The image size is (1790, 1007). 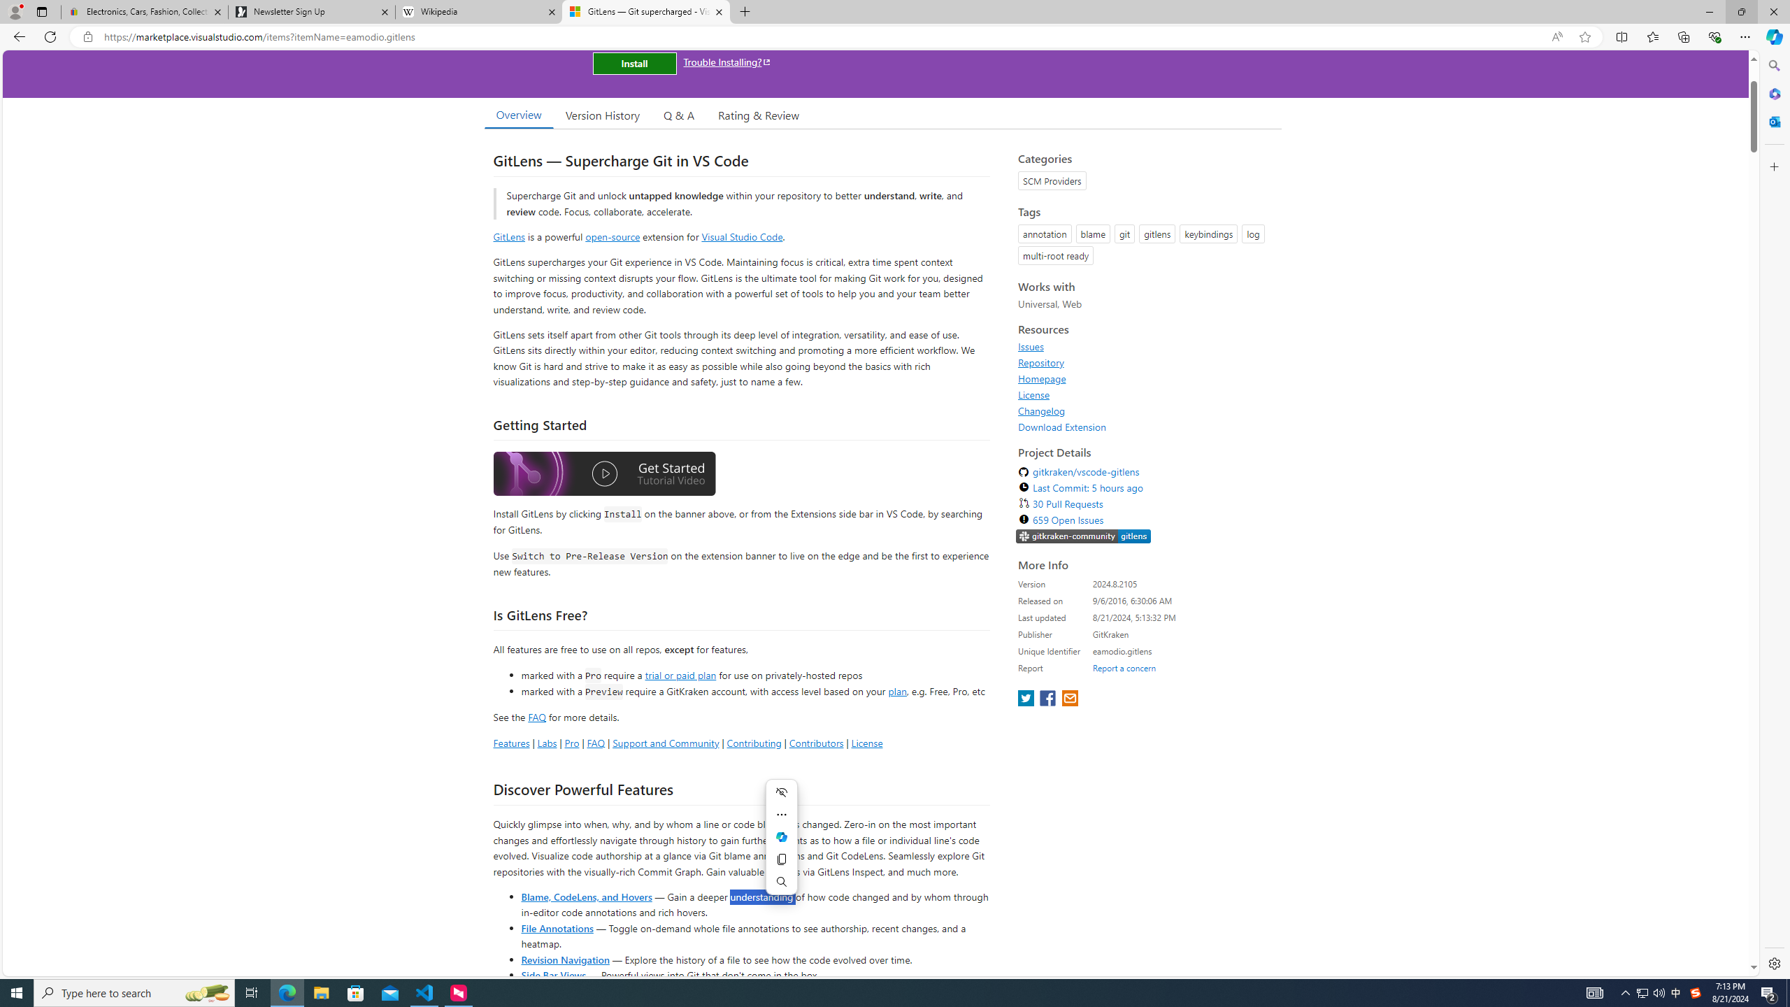 I want to click on 'Visual Studio Code', so click(x=742, y=236).